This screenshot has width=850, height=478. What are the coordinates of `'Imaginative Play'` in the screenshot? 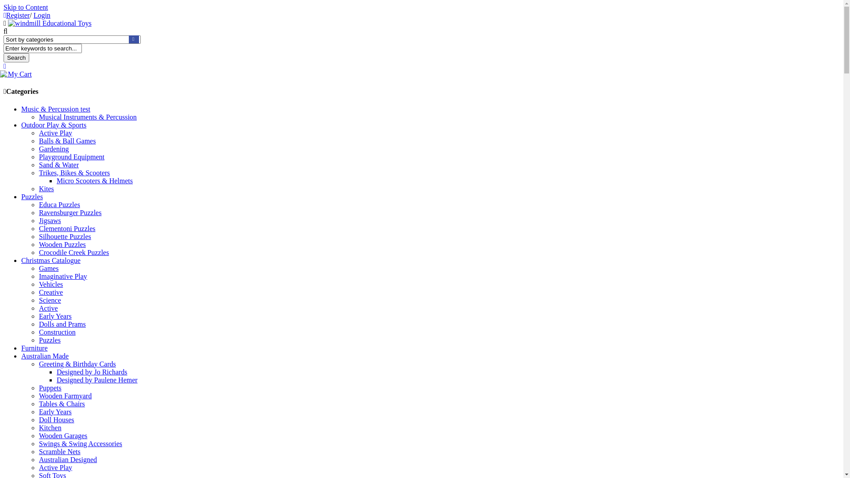 It's located at (62, 276).